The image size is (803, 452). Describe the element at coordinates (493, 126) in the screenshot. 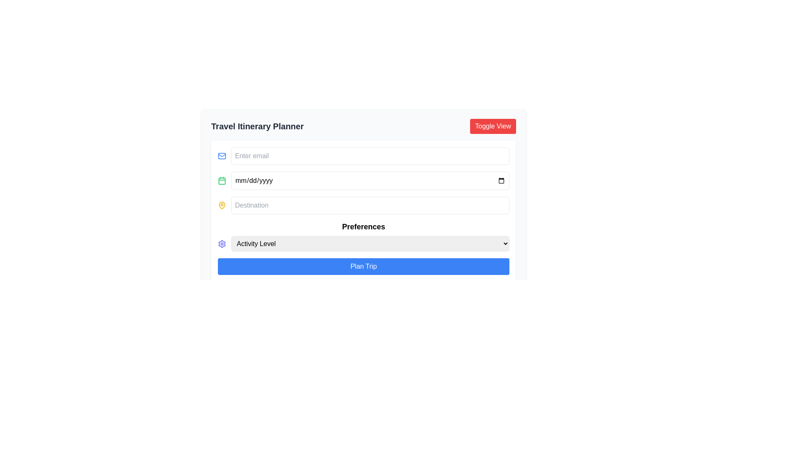

I see `the 'Toggle View' button with a red background located in the upper right portion of the 'Travel Itinerary Planner' interface` at that location.